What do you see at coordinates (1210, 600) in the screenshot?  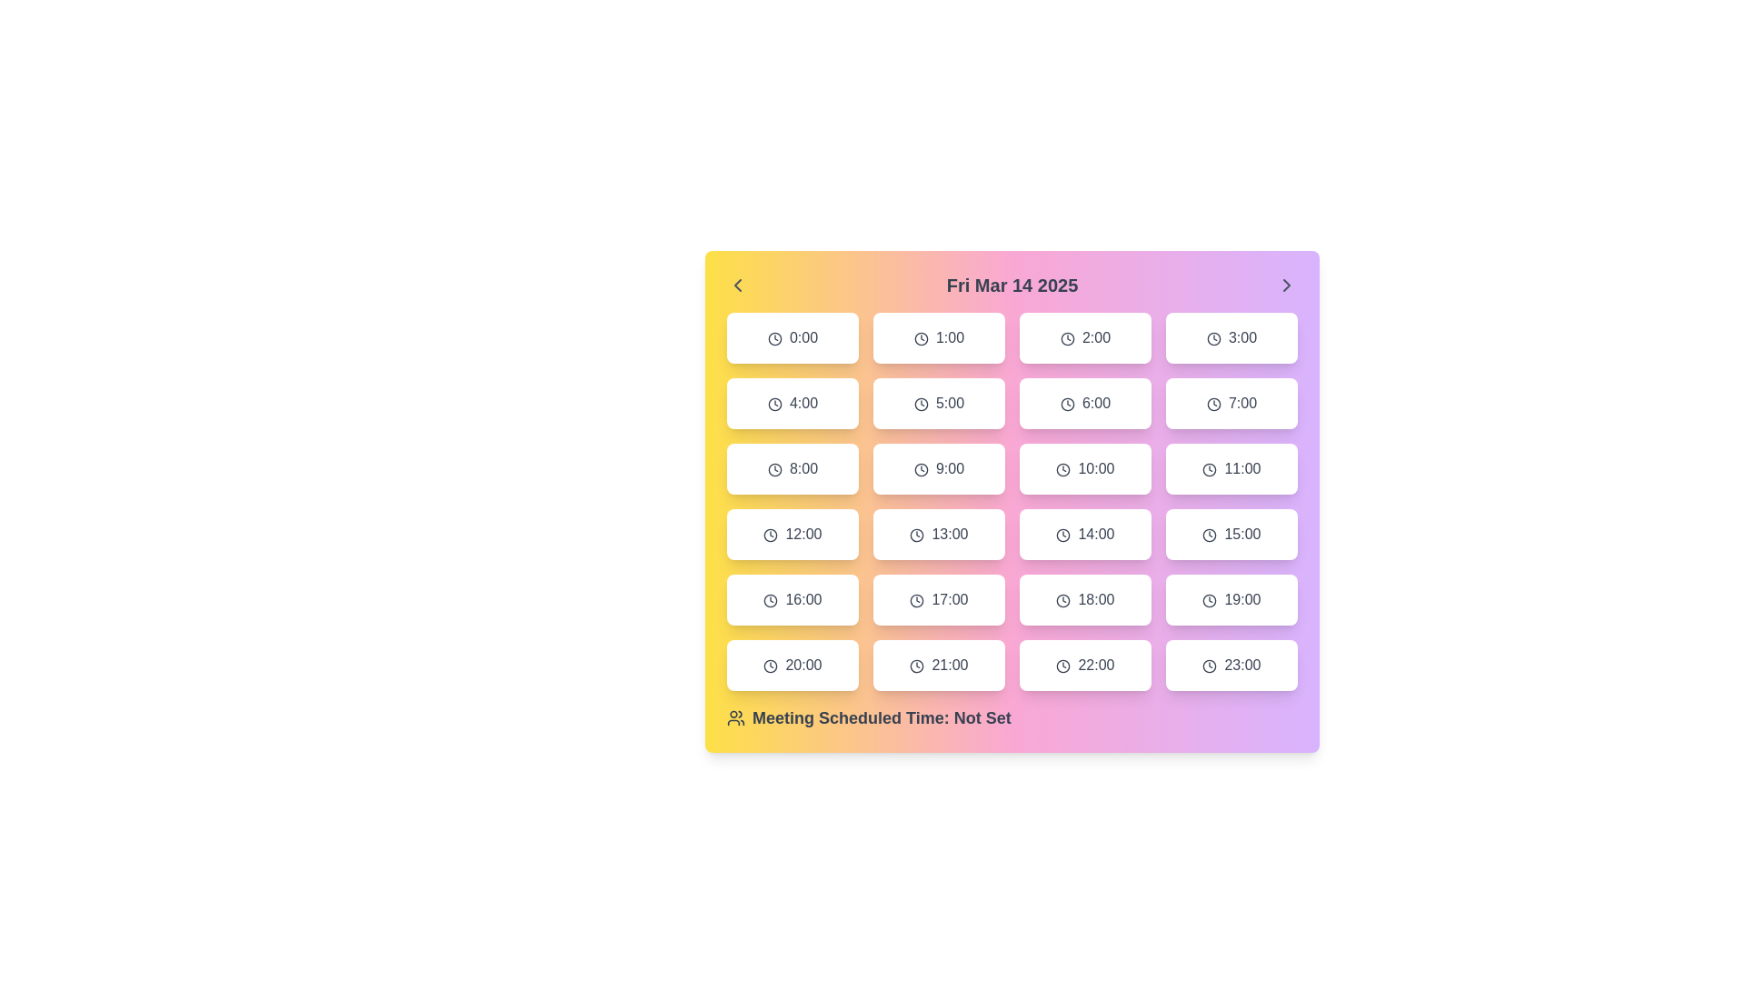 I see `the Circle element within the SVG Clock Icon associated with the time slot labeled '19:00', located in the fifth row and fourth column of the grid layout` at bounding box center [1210, 600].